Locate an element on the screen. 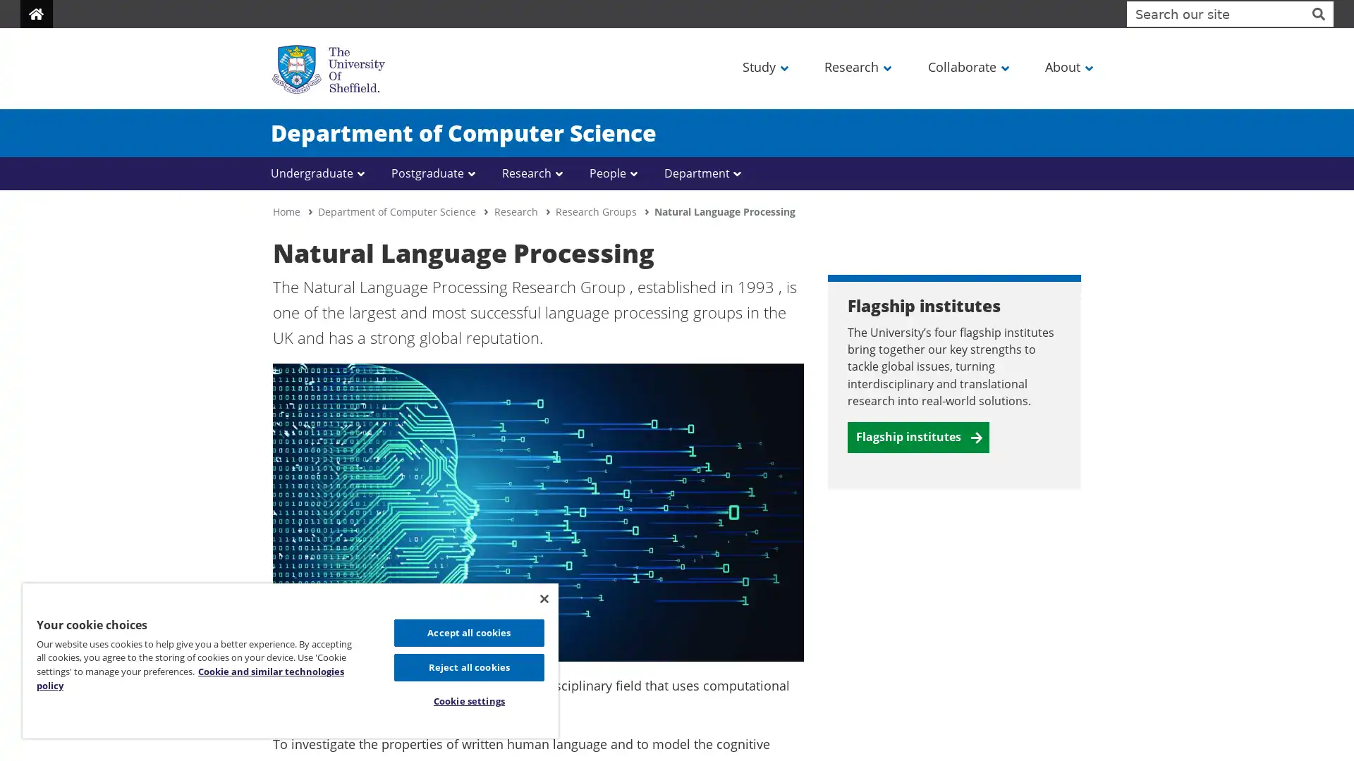 The width and height of the screenshot is (1354, 761). Undergraduate is located at coordinates (320, 173).